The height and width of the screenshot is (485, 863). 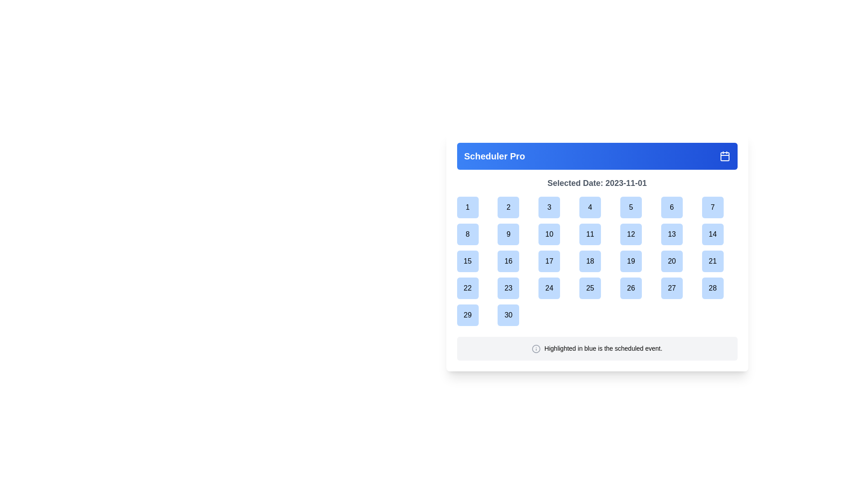 What do you see at coordinates (590, 207) in the screenshot?
I see `the selectable day button in the calendar view located in the first row, fourth column` at bounding box center [590, 207].